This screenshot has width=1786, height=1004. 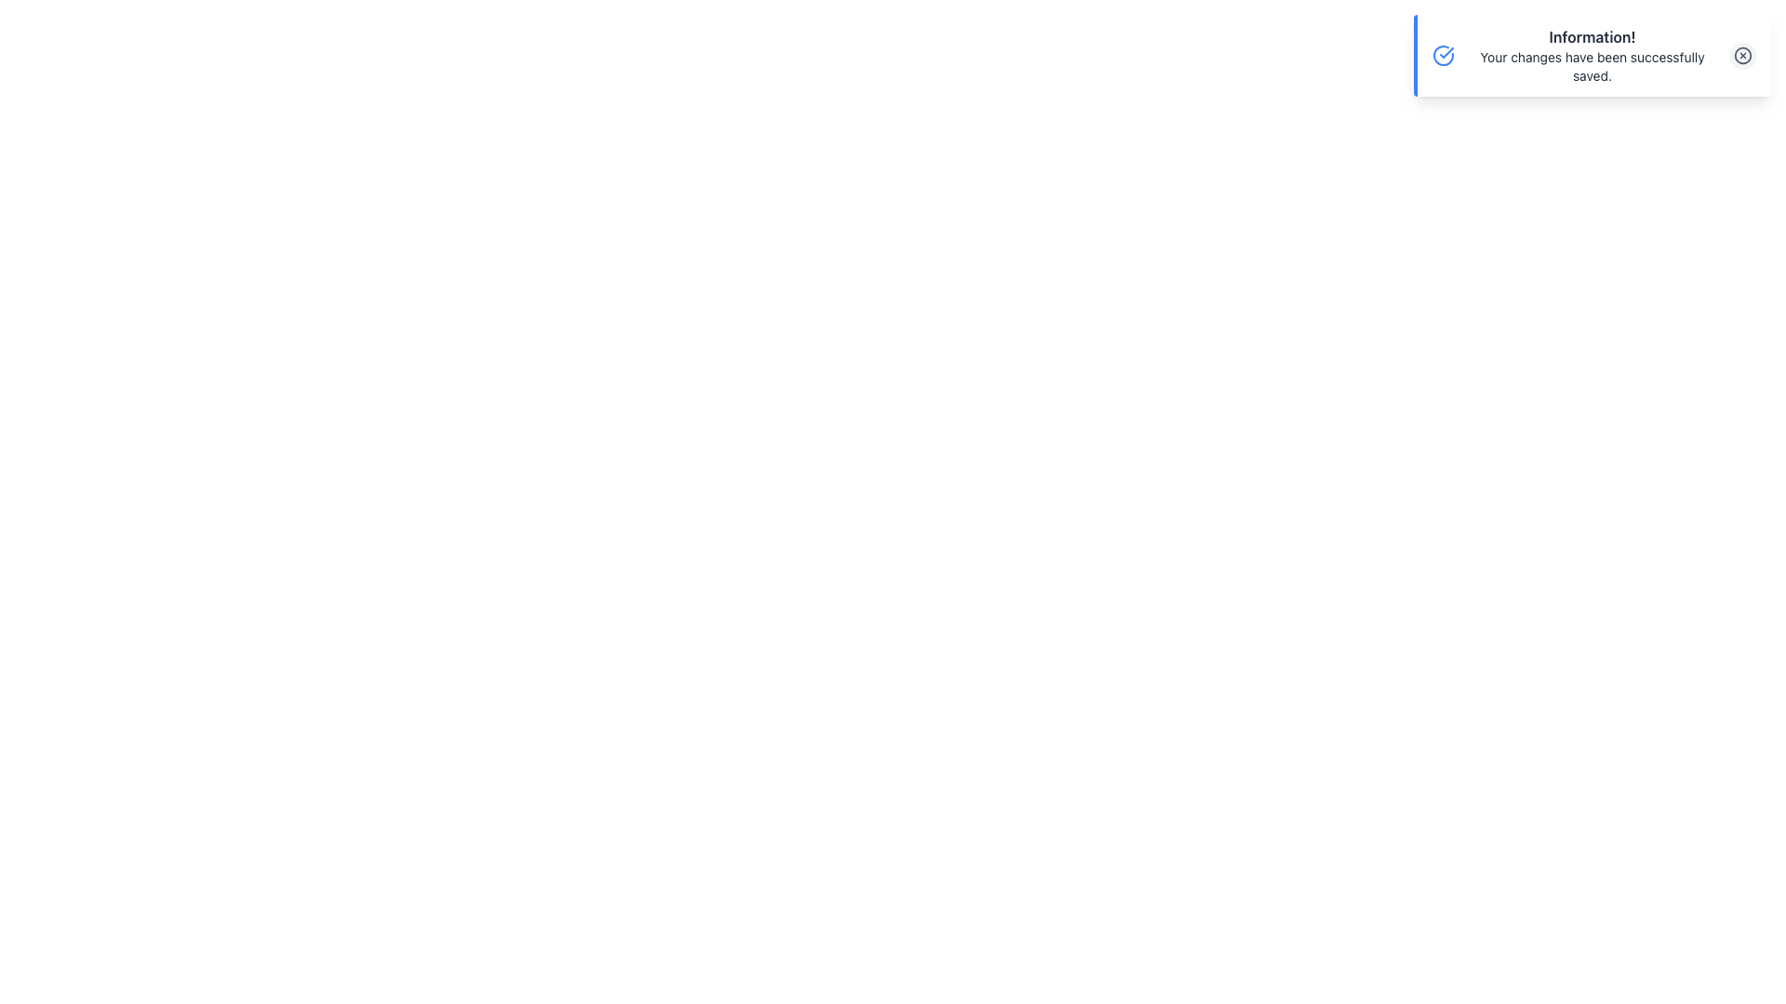 I want to click on the 'X' icon button located in the top-right corner of the notification dialog, so click(x=1741, y=55).